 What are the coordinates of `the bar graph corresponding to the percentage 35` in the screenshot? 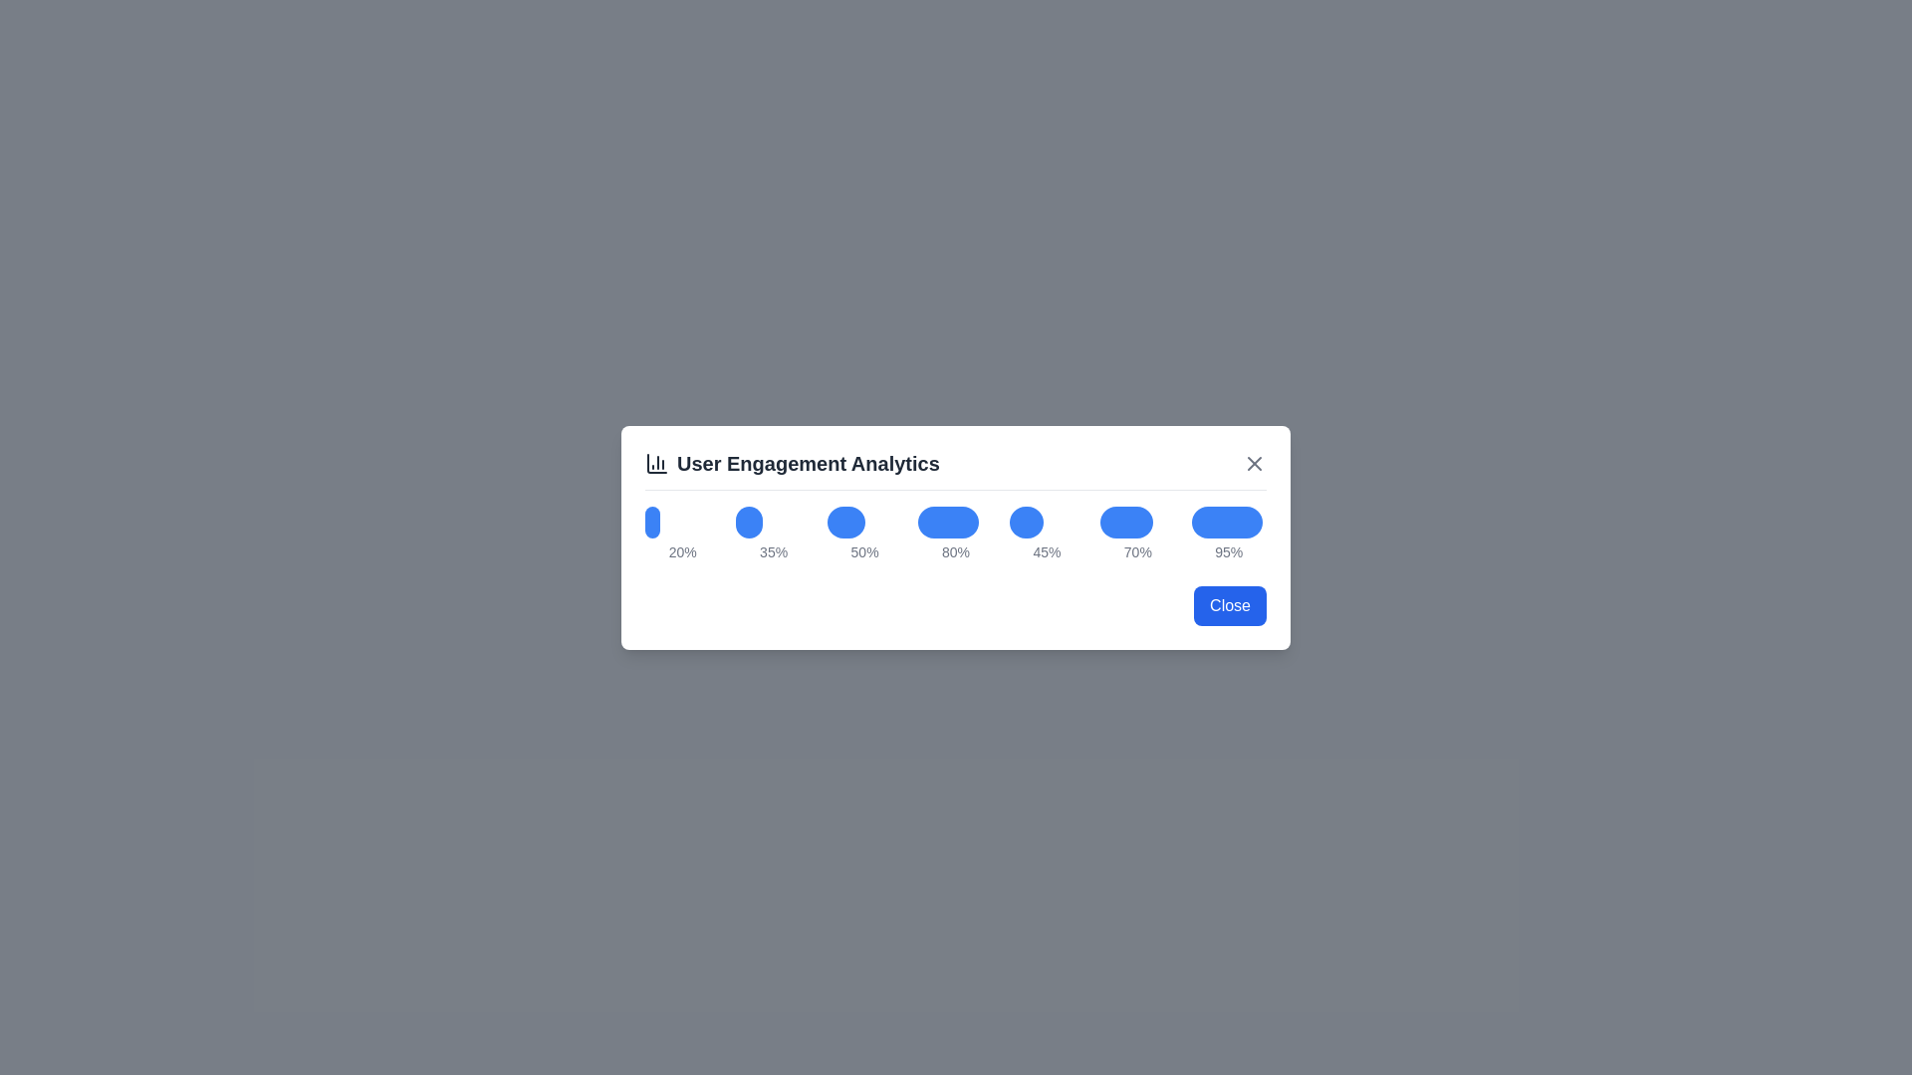 It's located at (748, 521).